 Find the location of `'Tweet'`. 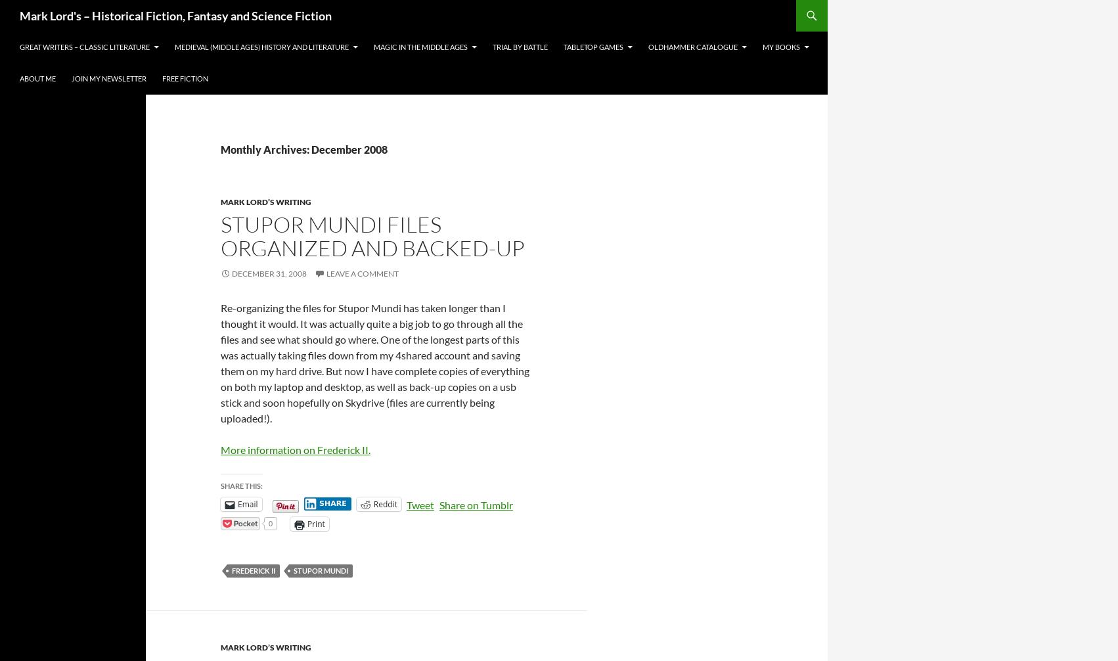

'Tweet' is located at coordinates (419, 504).